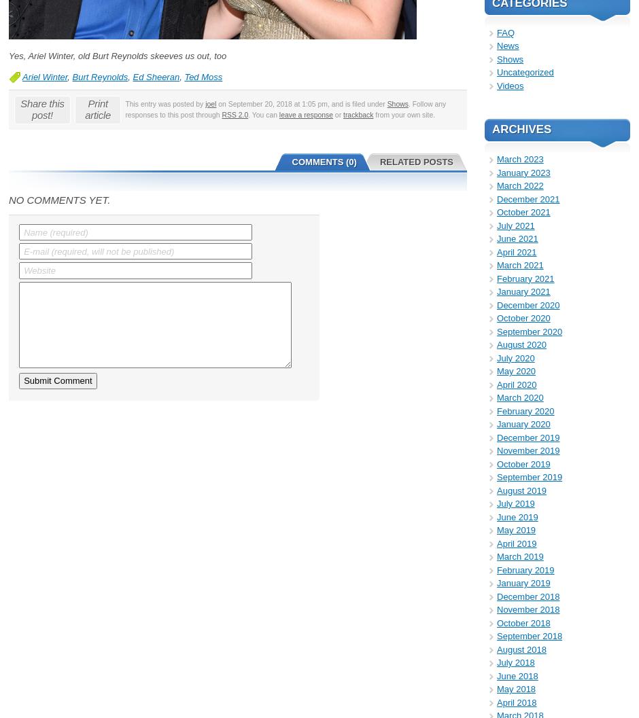 This screenshot has width=639, height=718. What do you see at coordinates (497, 277) in the screenshot?
I see `'February 2021'` at bounding box center [497, 277].